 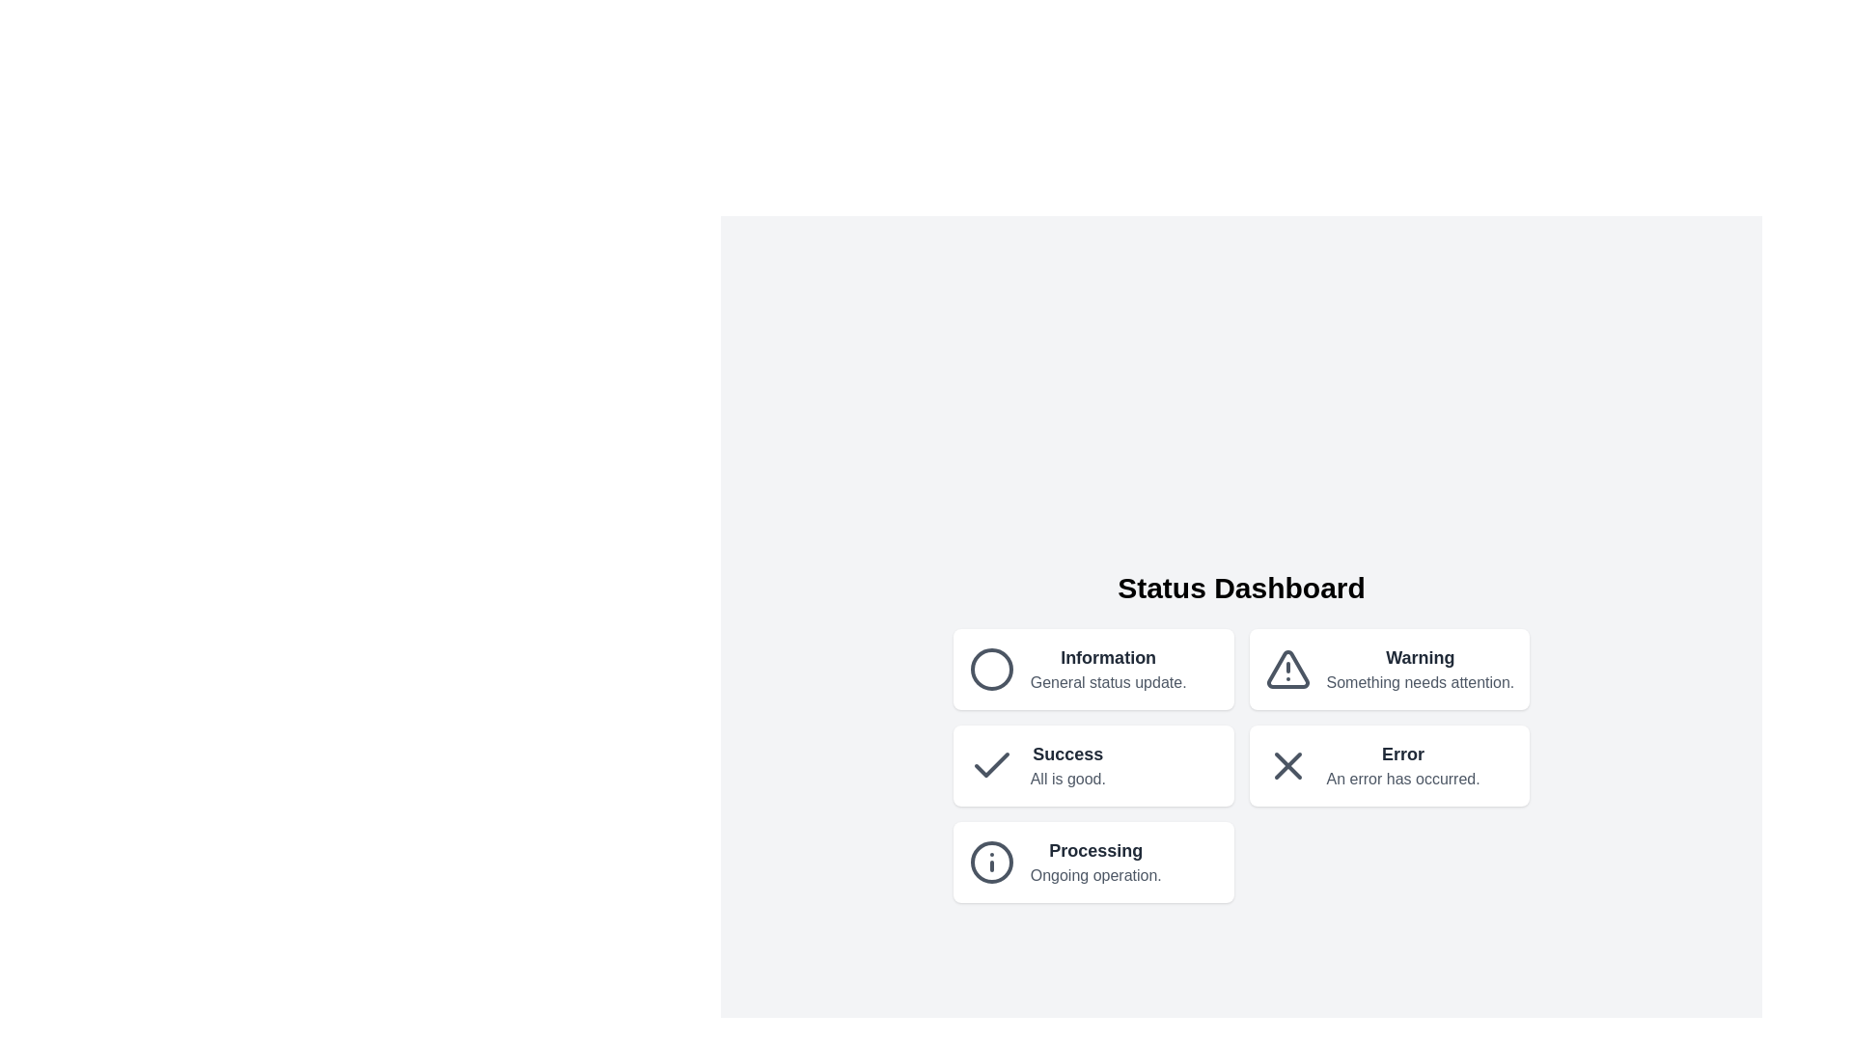 I want to click on the leftmost Informational card in the bottom row of the 2x3 grid within the 'Status Dashboard', which contains an 'i' icon, bold text 'Processing', and smaller text 'Ongoing operation', so click(x=1093, y=862).